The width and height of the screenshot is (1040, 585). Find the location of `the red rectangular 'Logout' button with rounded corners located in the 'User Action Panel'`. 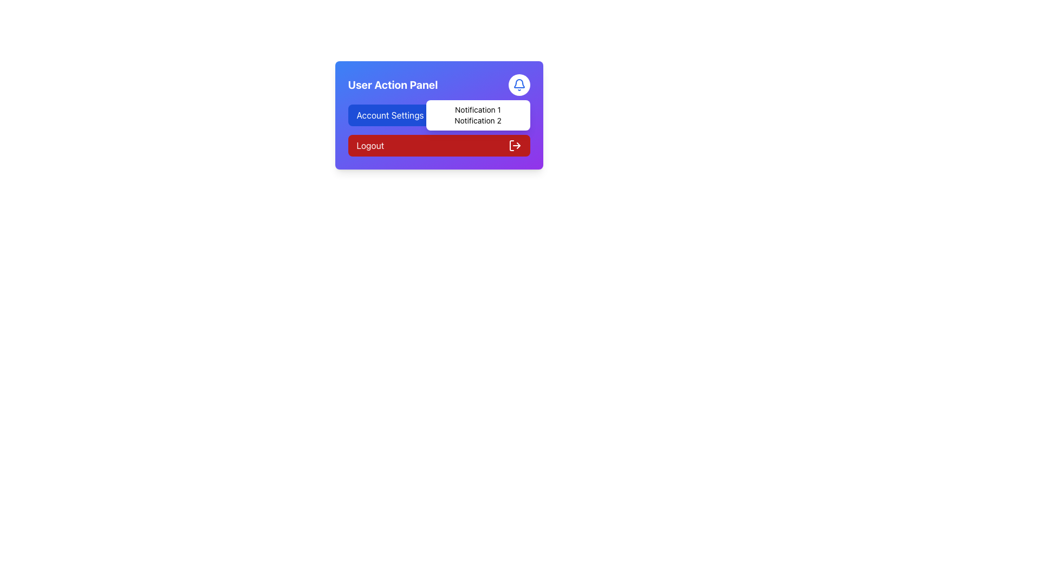

the red rectangular 'Logout' button with rounded corners located in the 'User Action Panel' is located at coordinates (439, 145).